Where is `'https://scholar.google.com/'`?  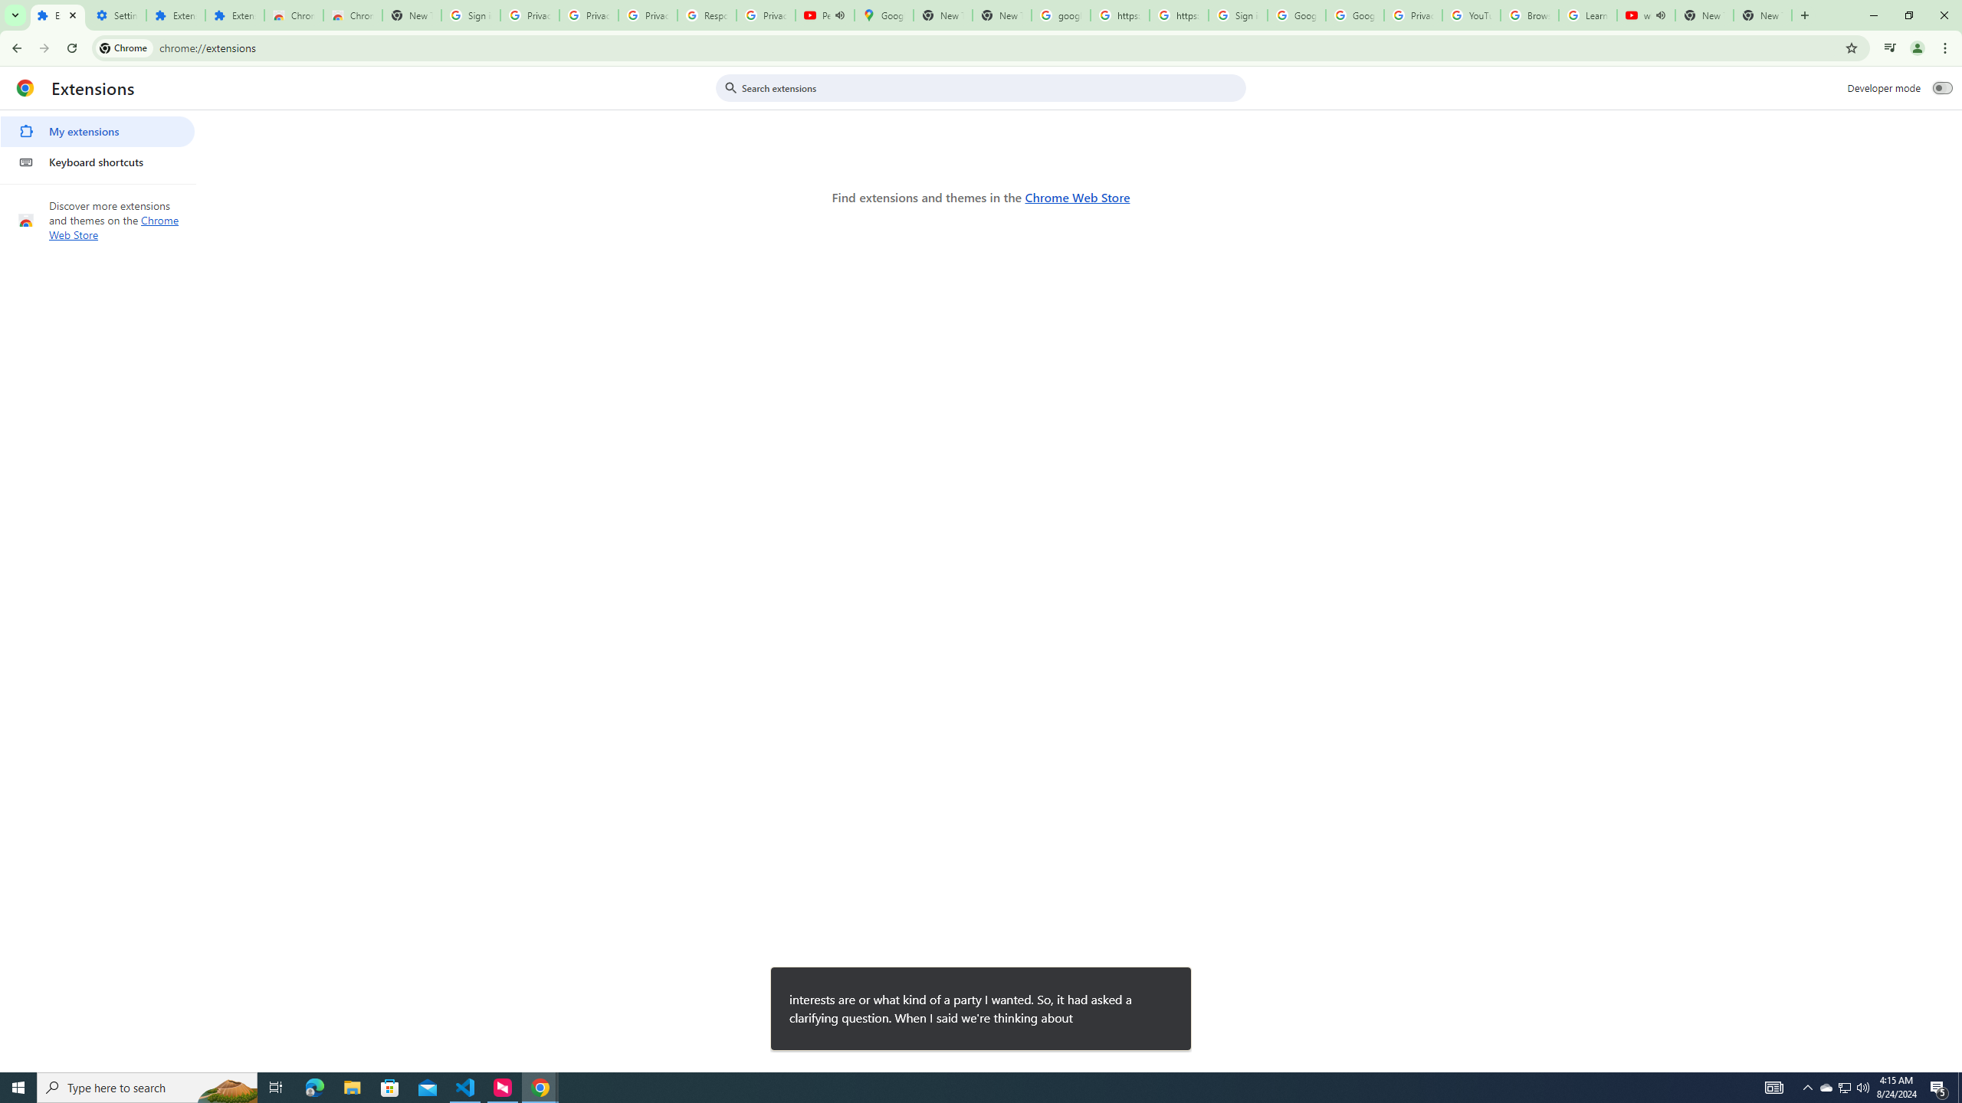
'https://scholar.google.com/' is located at coordinates (1178, 15).